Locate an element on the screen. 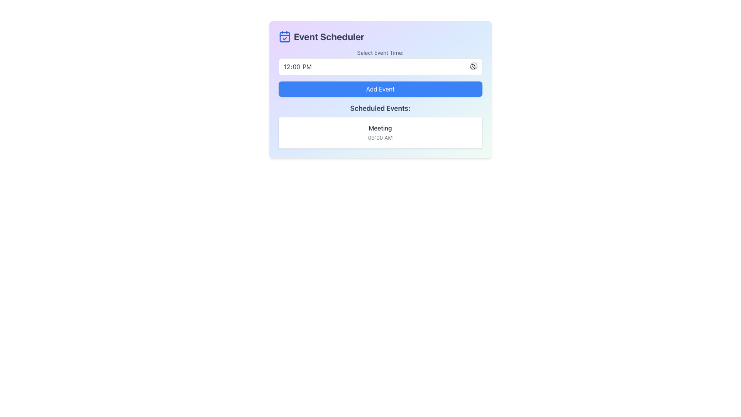 The width and height of the screenshot is (741, 417). the circular clock icon located at the top-right corner of the time selection input field to trigger a tooltip or visual change is located at coordinates (473, 65).